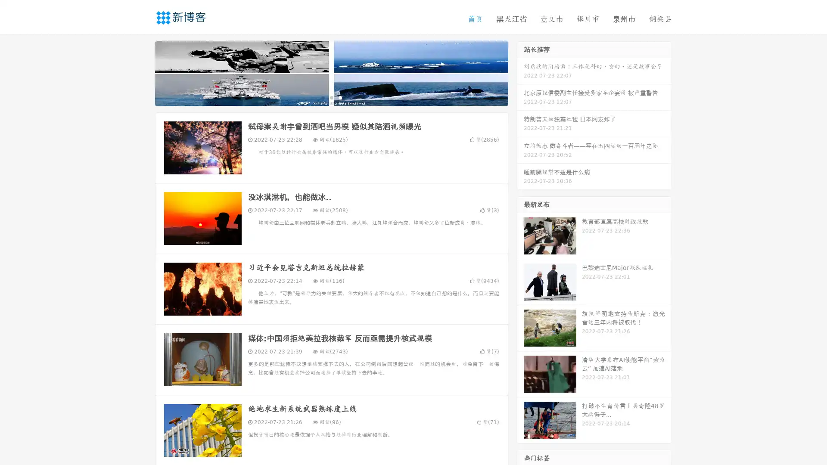 This screenshot has height=465, width=827. What do you see at coordinates (520, 72) in the screenshot?
I see `Next slide` at bounding box center [520, 72].